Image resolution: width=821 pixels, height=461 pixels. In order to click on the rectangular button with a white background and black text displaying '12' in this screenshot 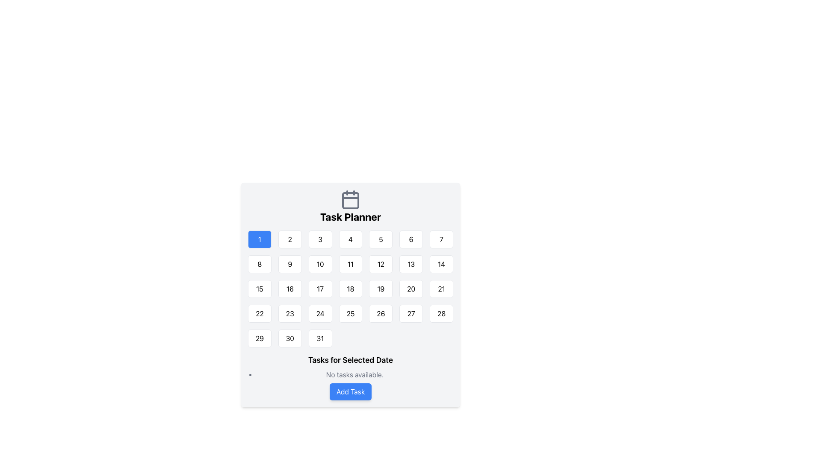, I will do `click(380, 263)`.